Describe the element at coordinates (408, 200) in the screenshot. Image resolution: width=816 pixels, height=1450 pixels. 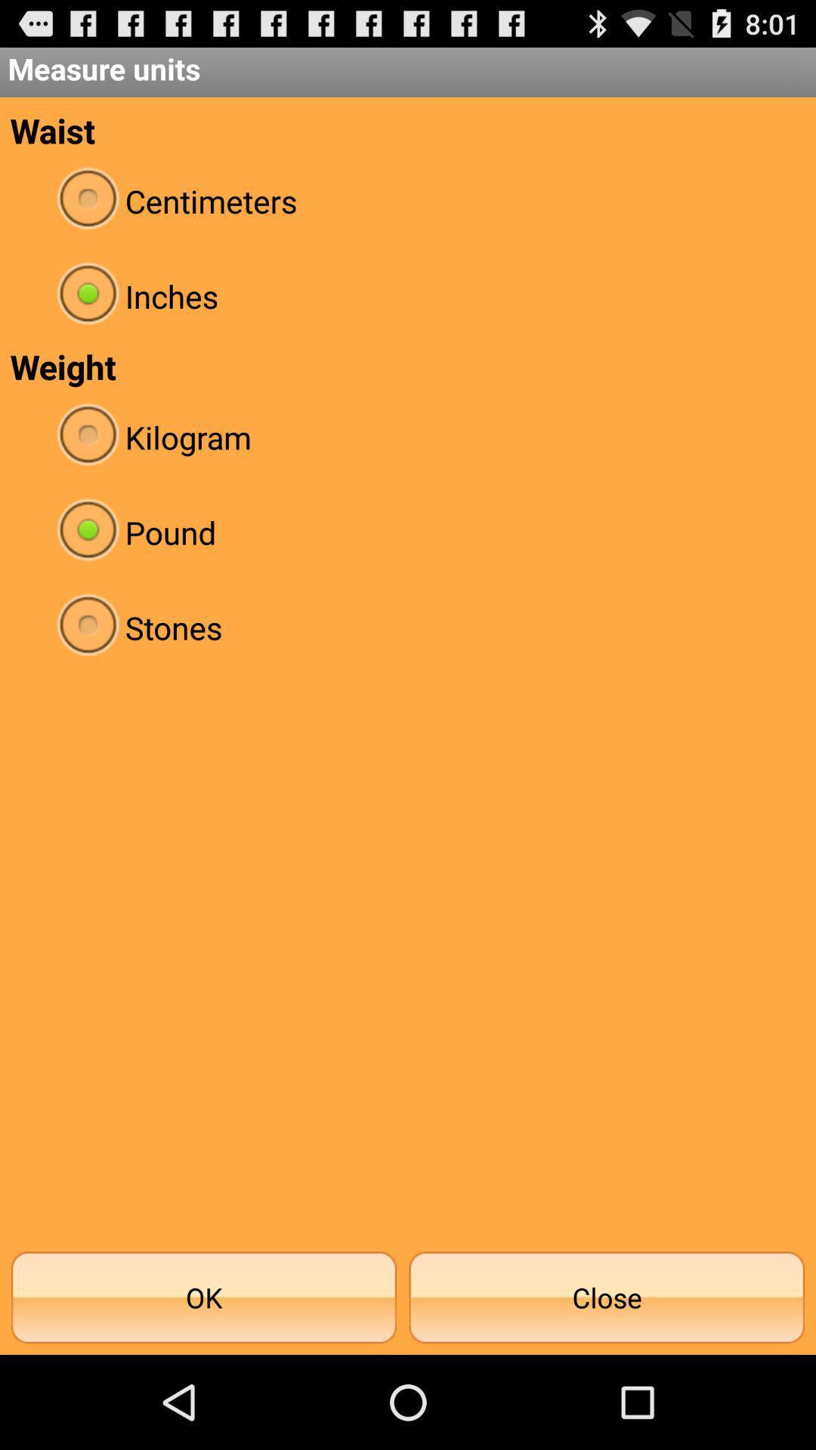
I see `the item above inches icon` at that location.